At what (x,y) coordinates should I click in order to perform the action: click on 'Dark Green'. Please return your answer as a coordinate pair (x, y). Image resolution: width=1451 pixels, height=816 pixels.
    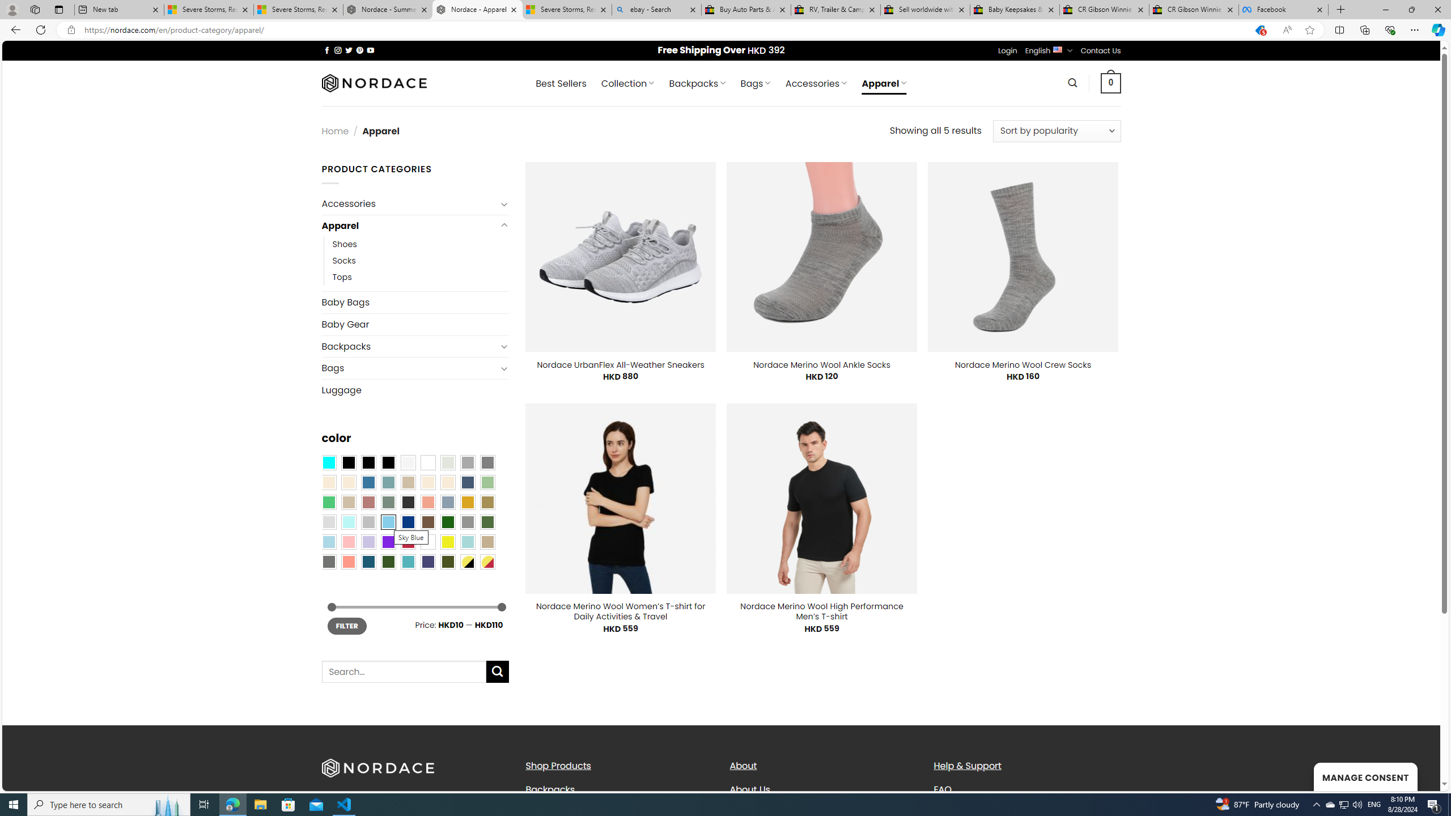
    Looking at the image, I should click on (448, 521).